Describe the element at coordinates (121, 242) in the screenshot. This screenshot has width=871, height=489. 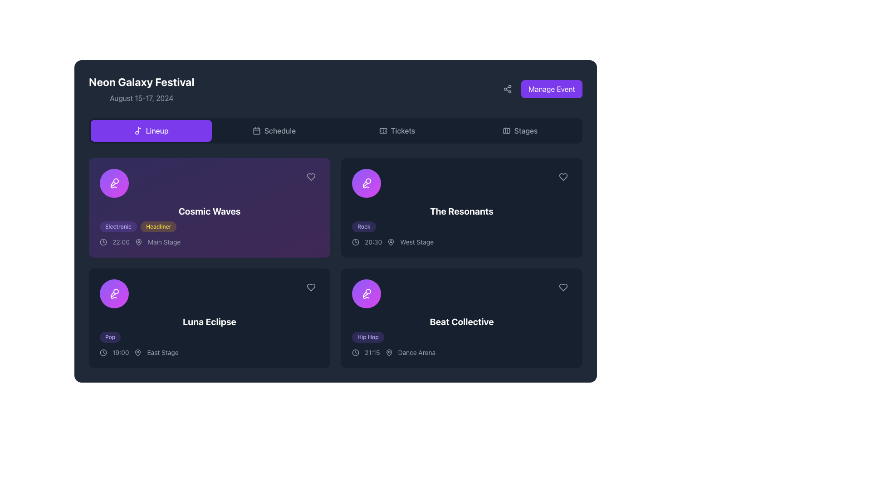
I see `time information displayed on the text label showing '22:00', which is located within the 'Cosmic Waves' event card, positioned to the right of the clock icon and to the left of the 'Main Stage' label` at that location.